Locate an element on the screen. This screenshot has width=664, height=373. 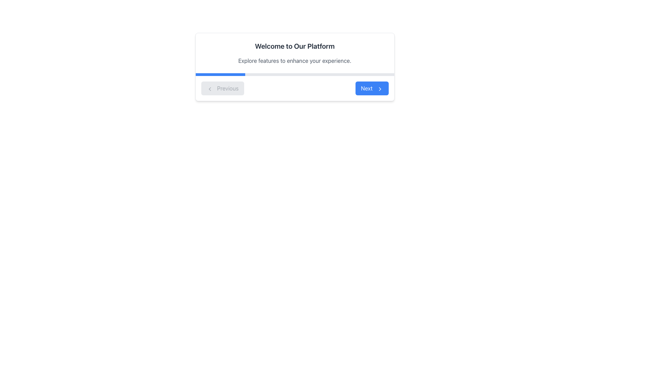
the progress bar beneath the title 'Welcome to Our Platform' and above the buttons 'Previous' and 'Next' is located at coordinates (295, 75).